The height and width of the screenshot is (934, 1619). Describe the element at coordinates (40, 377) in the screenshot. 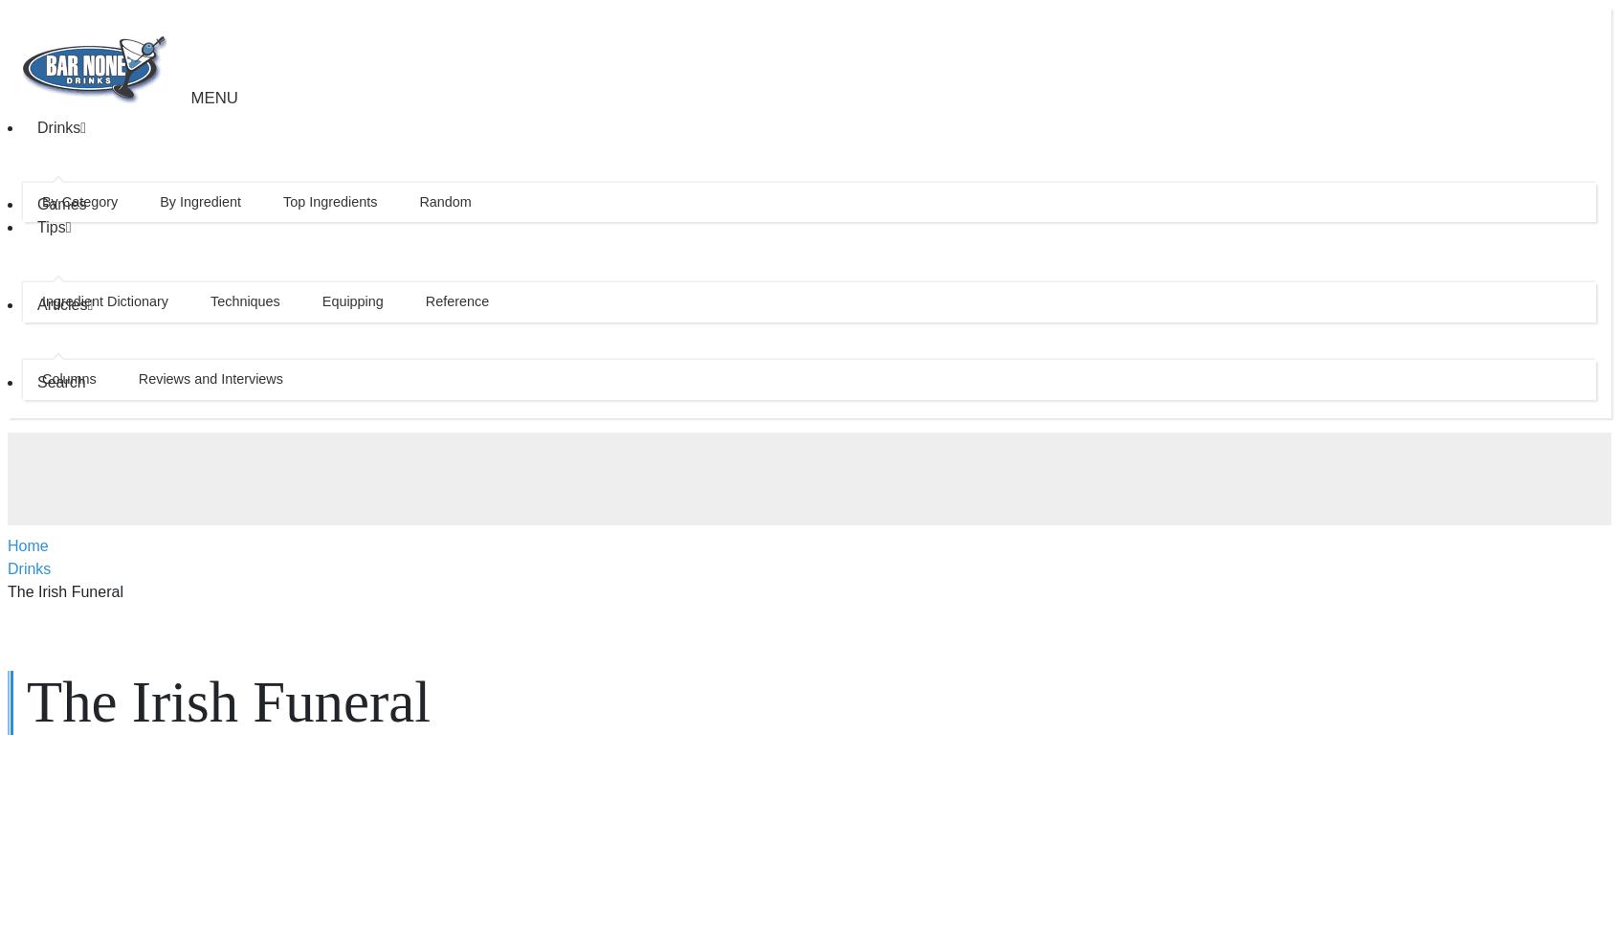

I see `'Columns'` at that location.